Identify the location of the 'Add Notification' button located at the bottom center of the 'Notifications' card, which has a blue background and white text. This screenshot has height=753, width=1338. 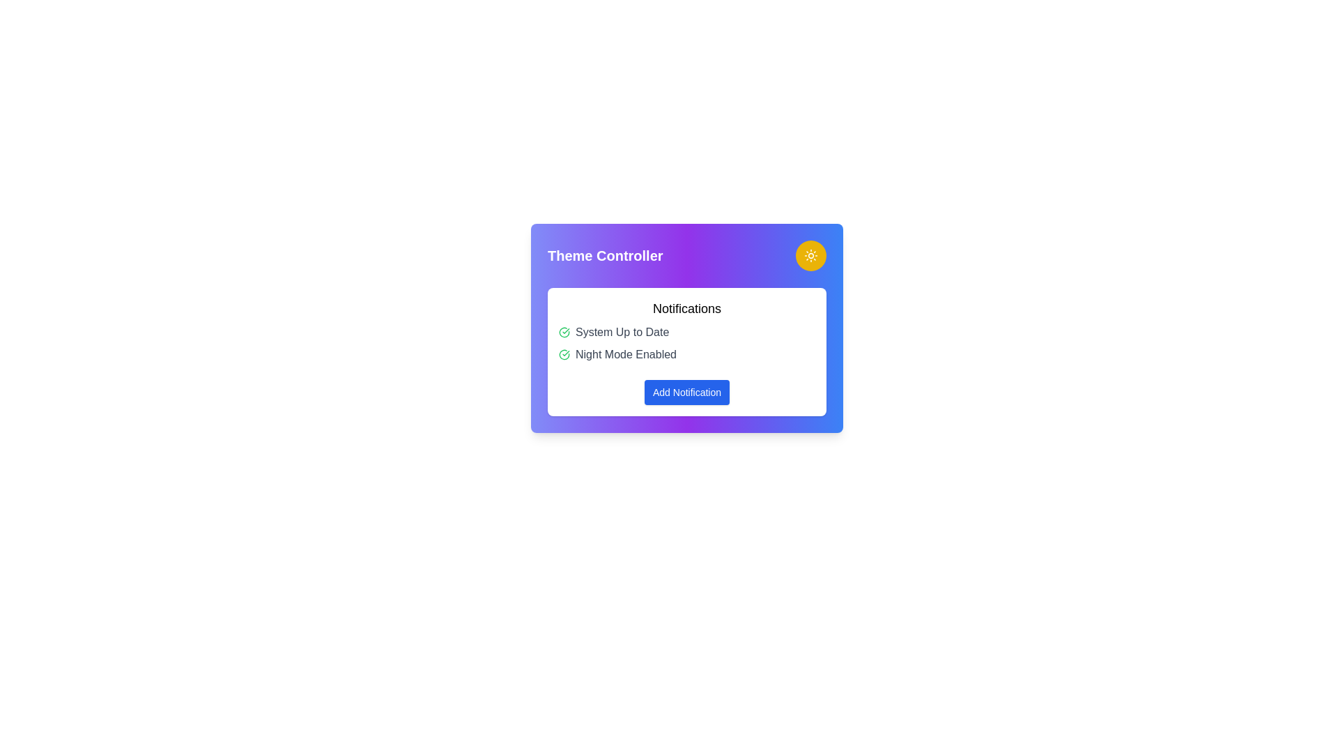
(686, 393).